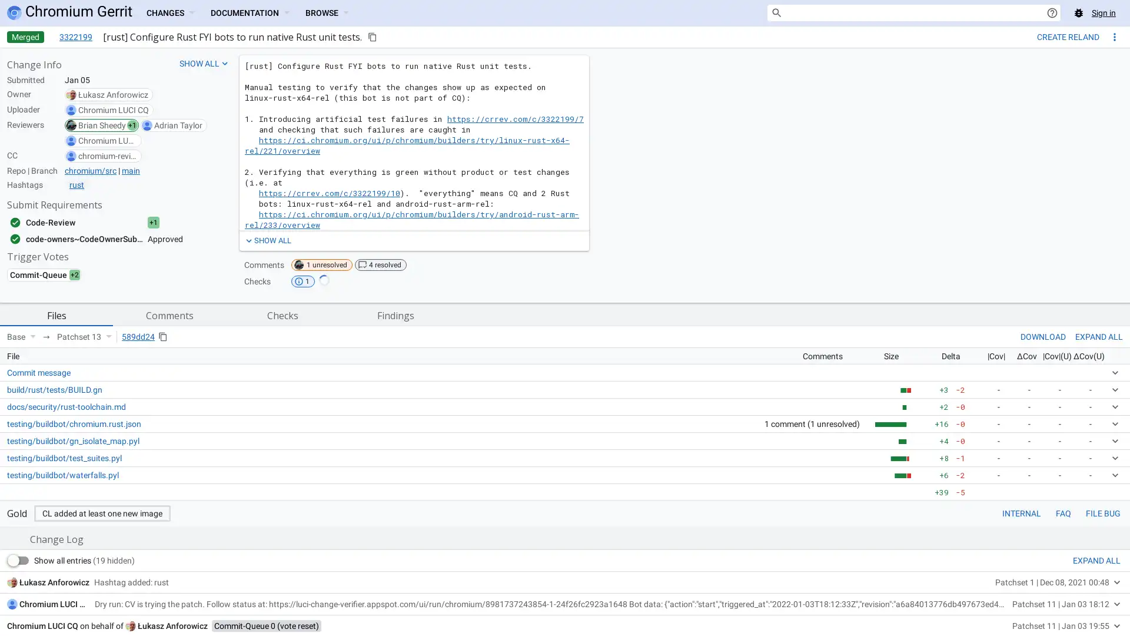 The width and height of the screenshot is (1130, 636). I want to click on Patchset 13, so click(84, 336).